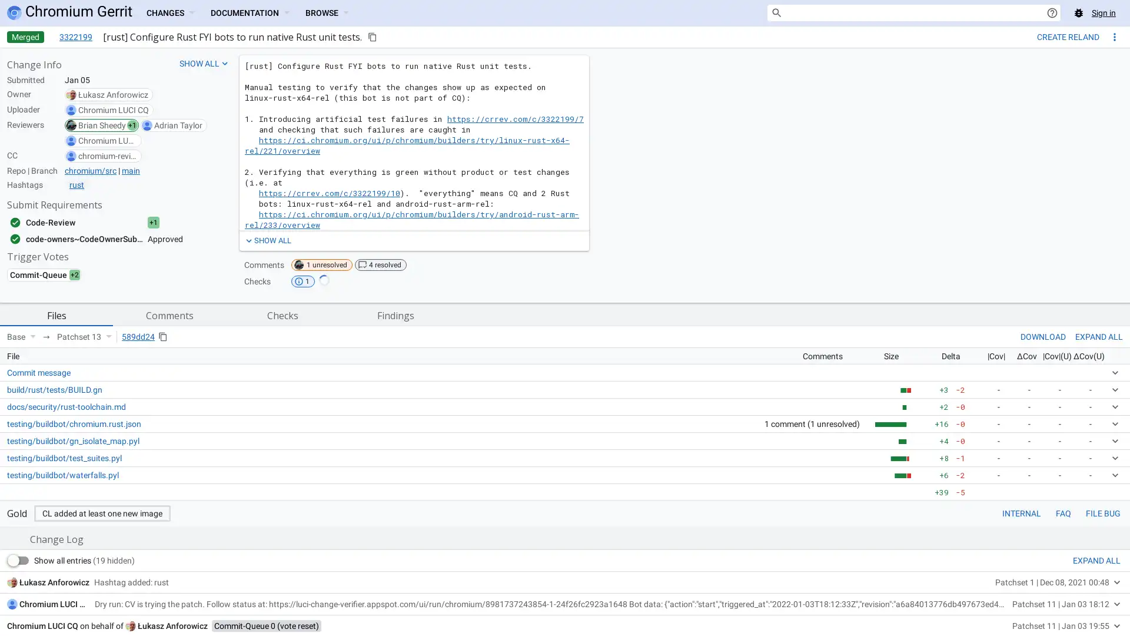 The width and height of the screenshot is (1130, 636). I want to click on Patchset 13, so click(84, 336).